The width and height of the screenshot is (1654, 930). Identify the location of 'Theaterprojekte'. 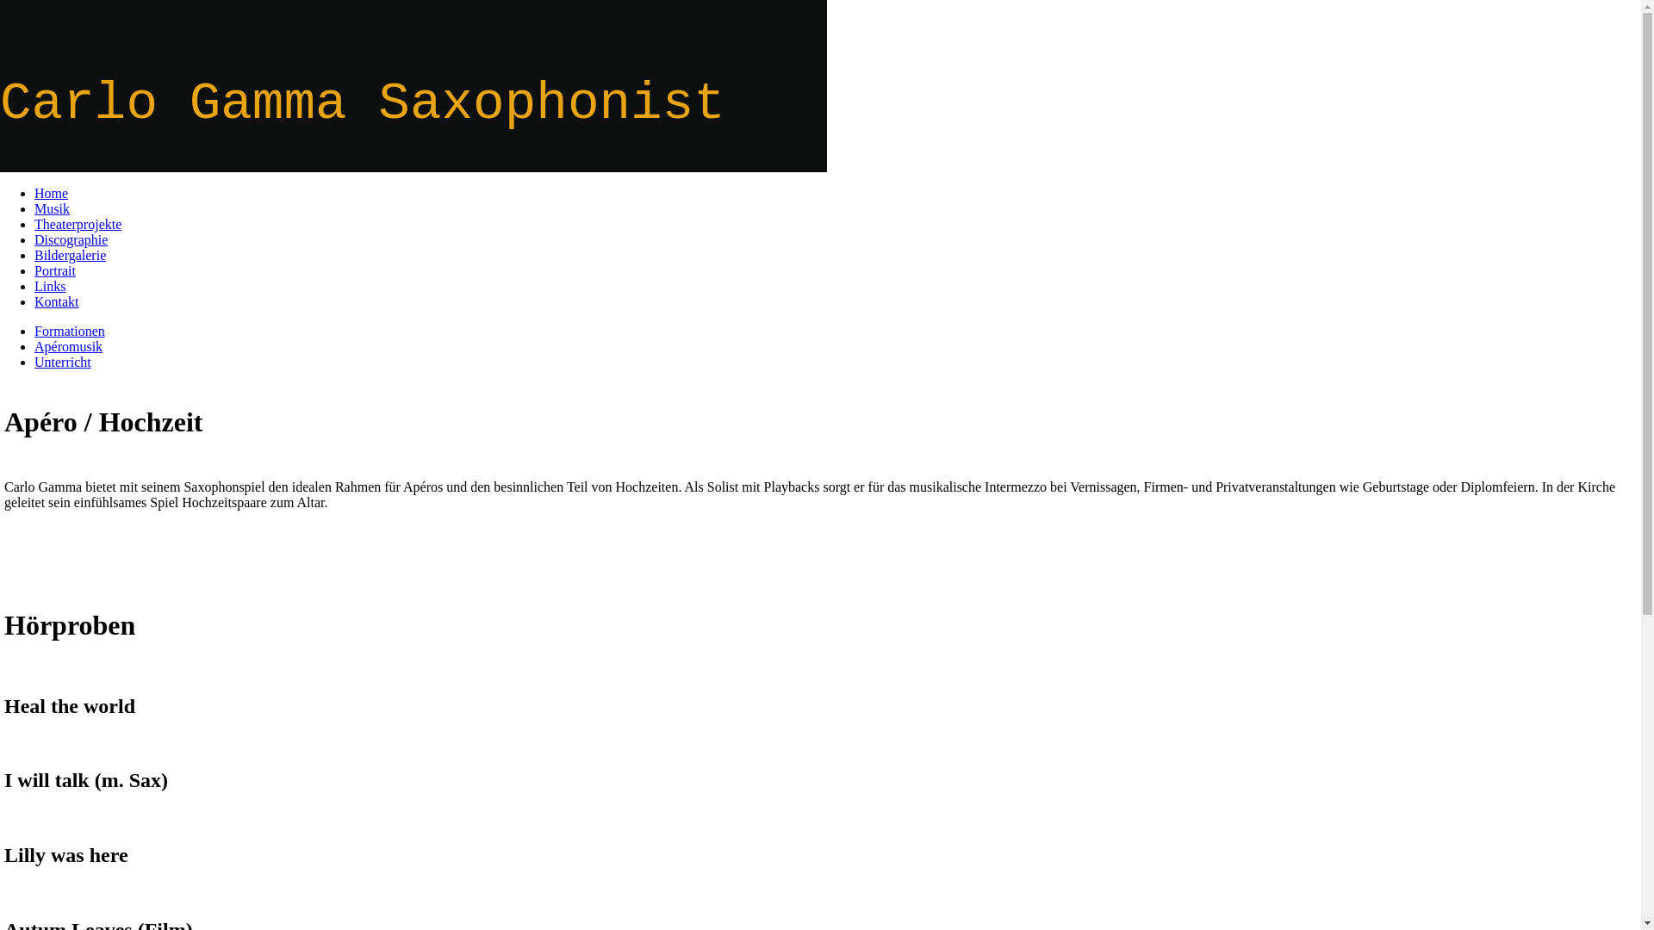
(77, 223).